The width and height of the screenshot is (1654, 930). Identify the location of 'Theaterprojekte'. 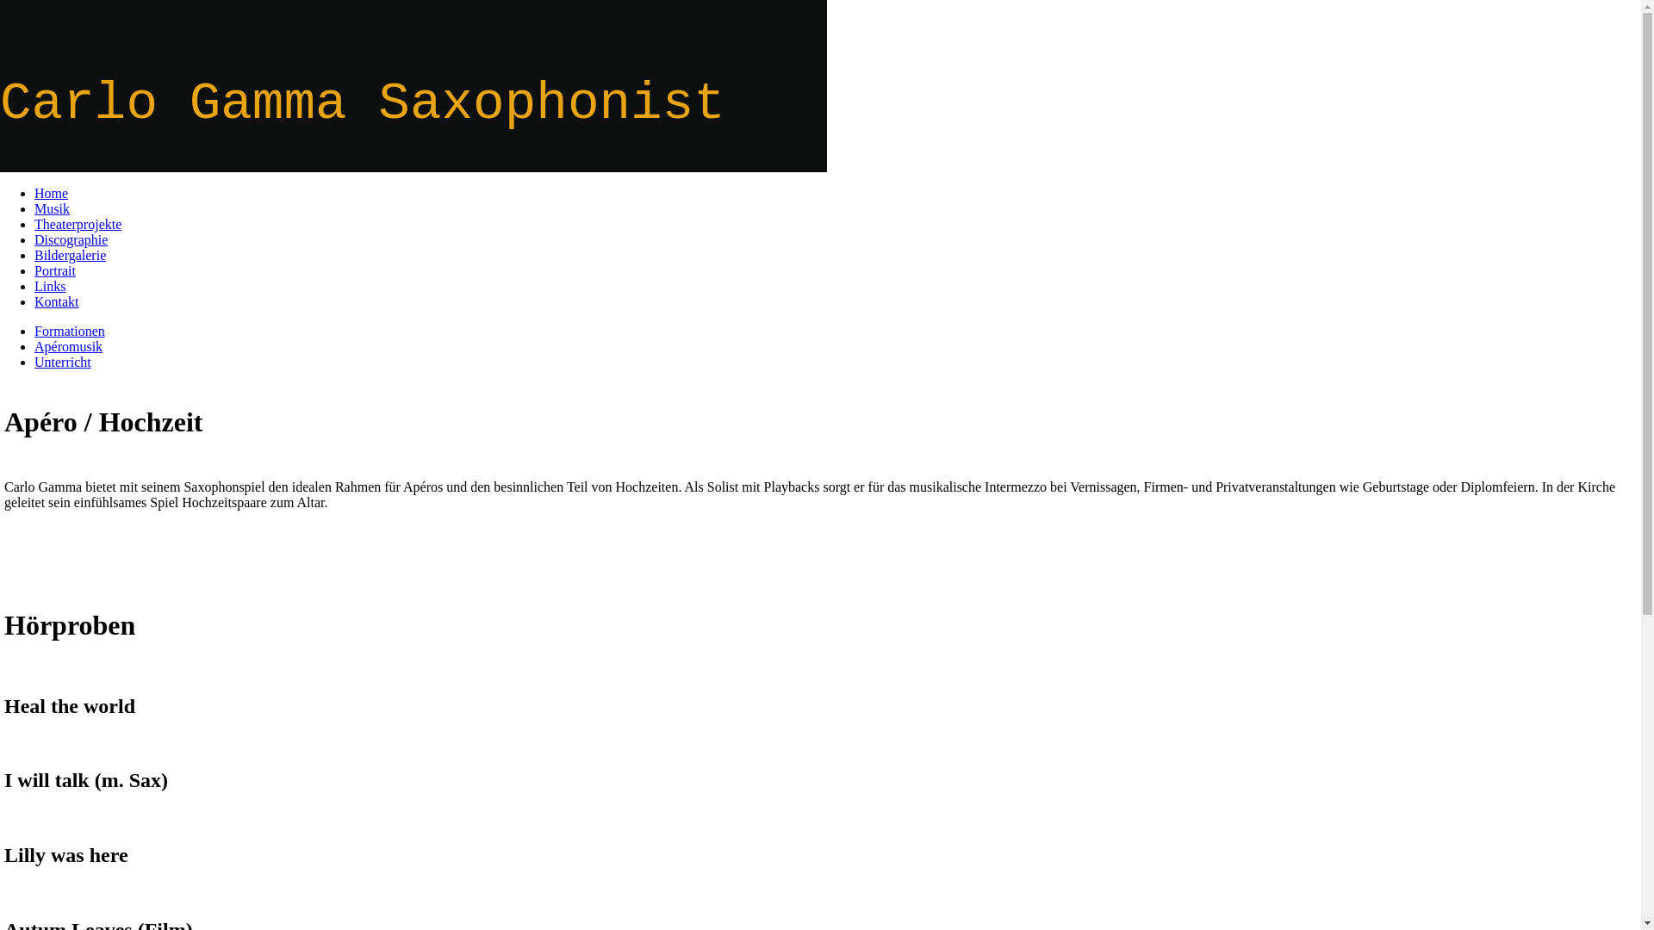
(77, 223).